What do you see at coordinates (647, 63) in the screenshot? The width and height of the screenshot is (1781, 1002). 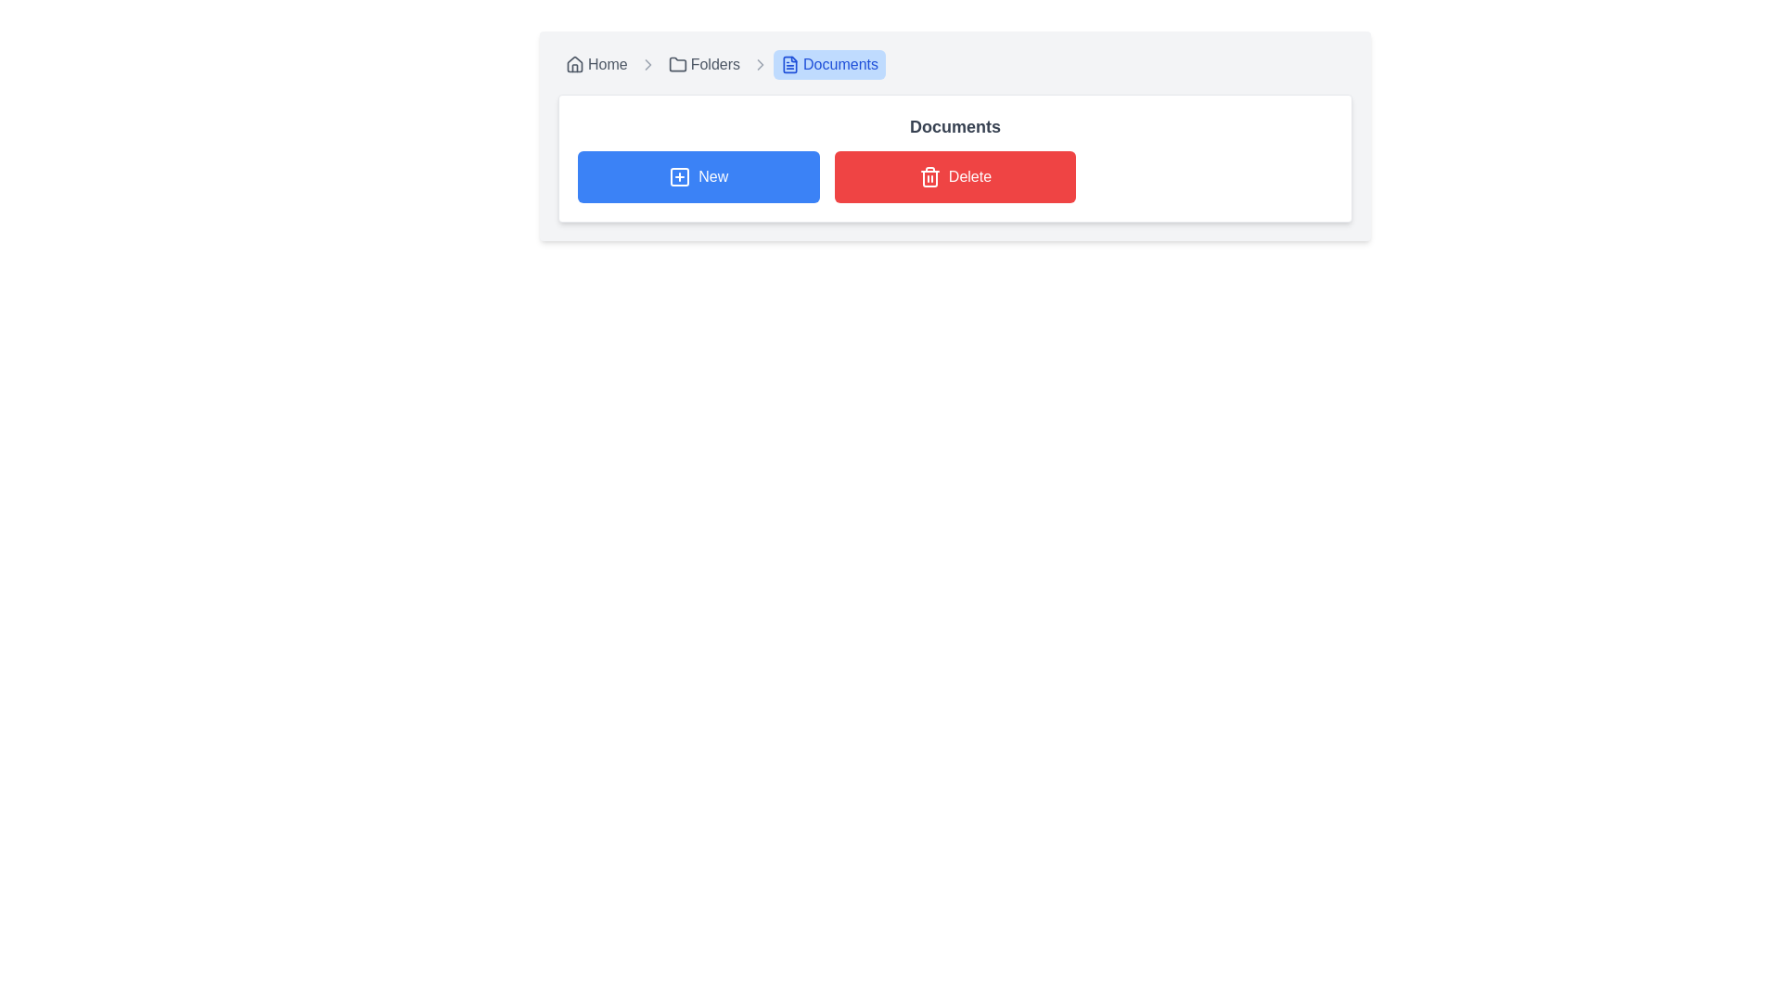 I see `the right-pointing chevron icon in the breadcrumb navigation bar` at bounding box center [647, 63].